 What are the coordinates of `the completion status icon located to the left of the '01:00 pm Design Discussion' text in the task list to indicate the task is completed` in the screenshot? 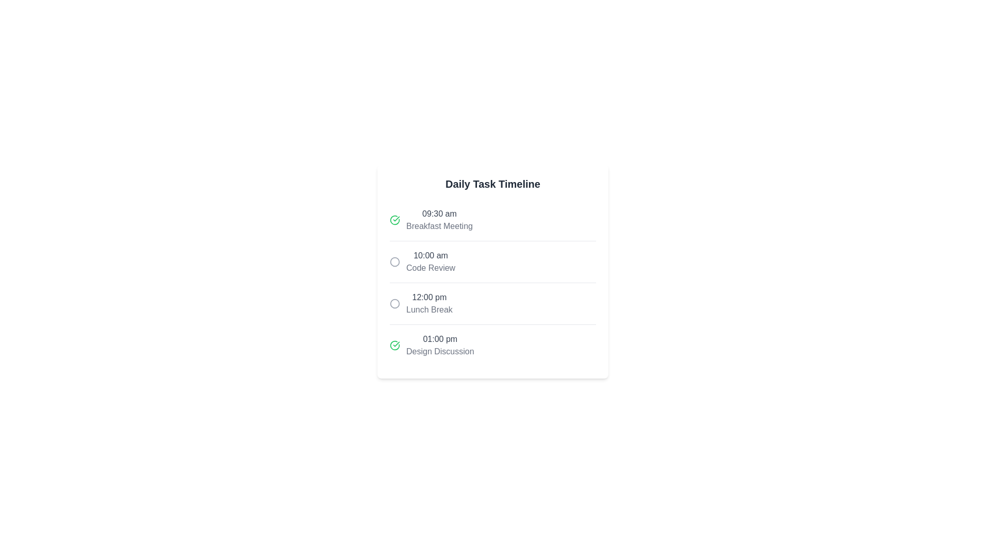 It's located at (394, 346).